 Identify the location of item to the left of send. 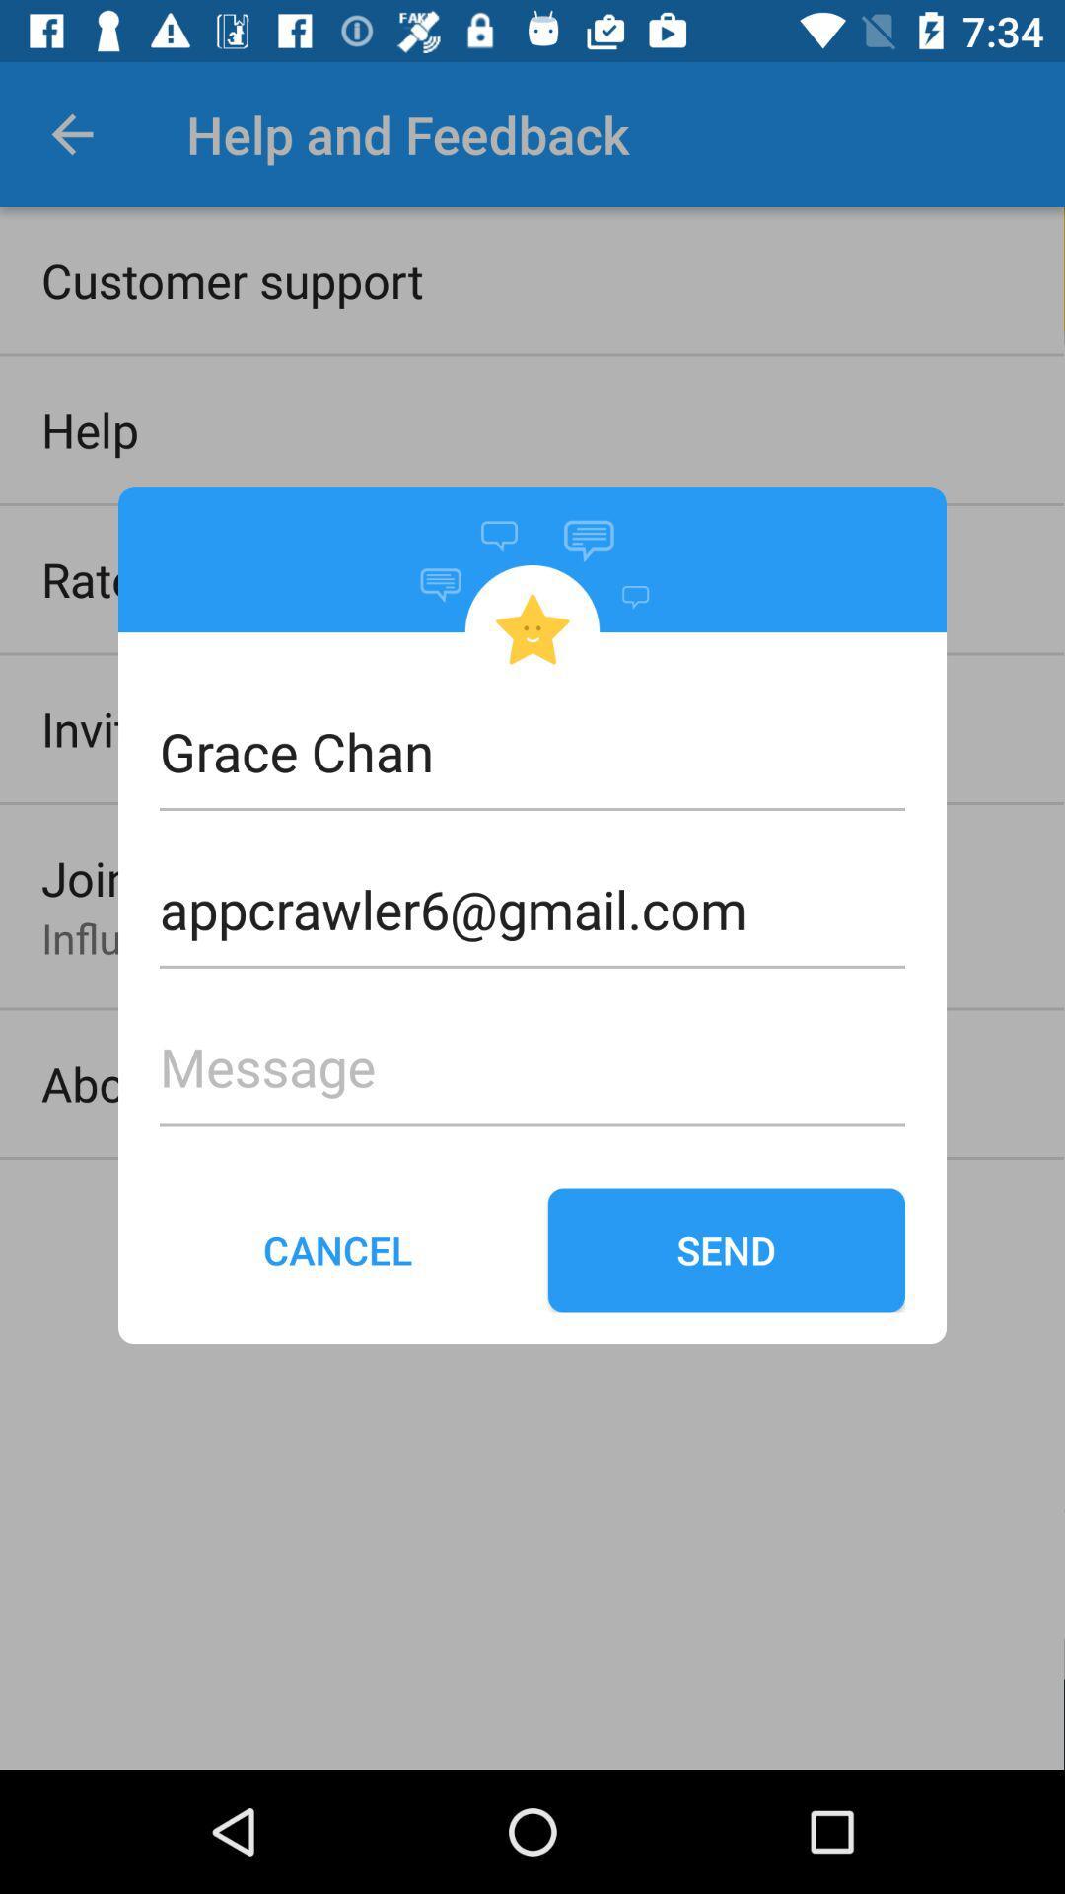
(337, 1249).